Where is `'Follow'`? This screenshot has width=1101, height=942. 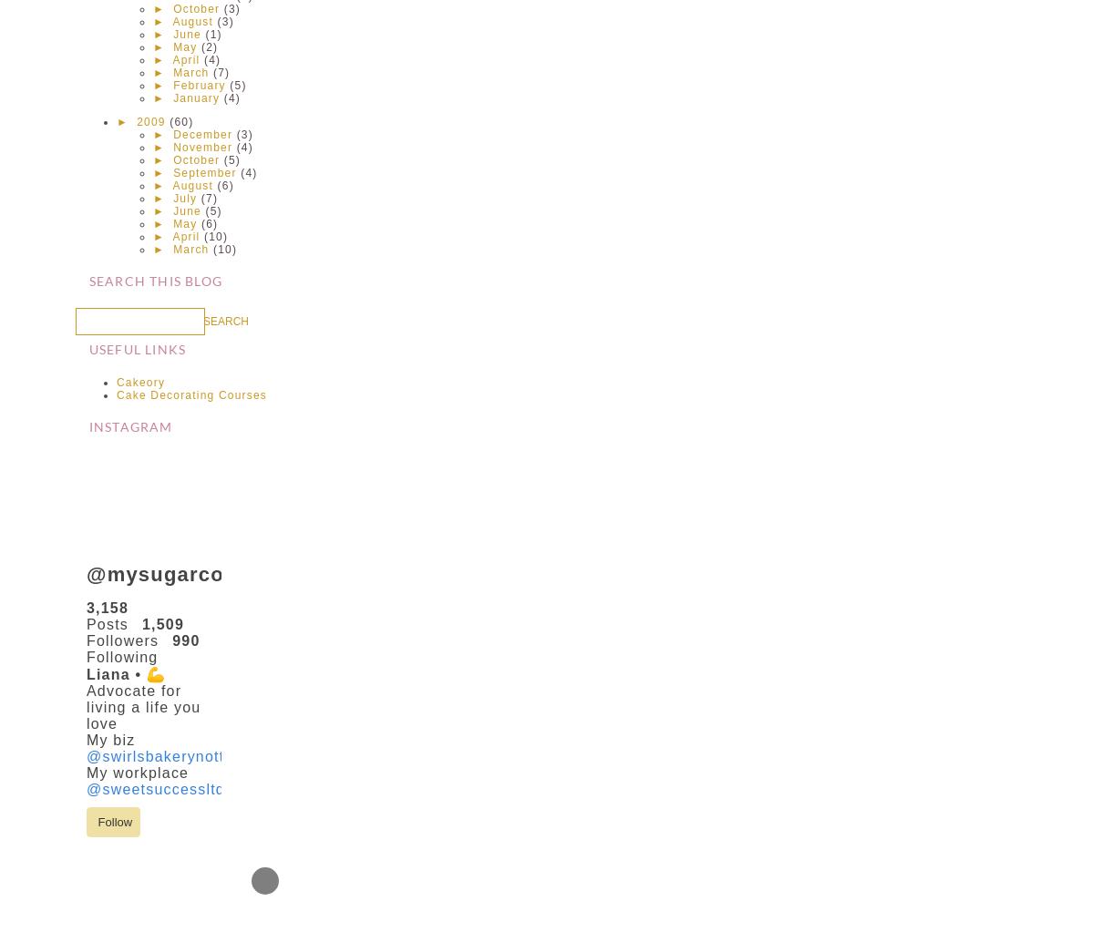
'Follow' is located at coordinates (112, 821).